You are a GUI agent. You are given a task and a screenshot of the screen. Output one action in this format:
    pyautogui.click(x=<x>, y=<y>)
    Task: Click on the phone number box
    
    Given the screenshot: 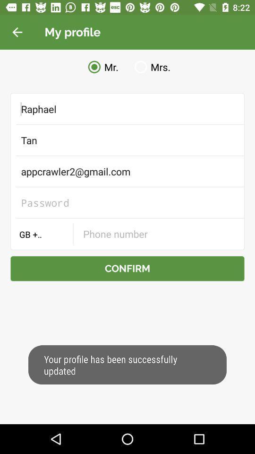 What is the action you would take?
    pyautogui.click(x=158, y=233)
    